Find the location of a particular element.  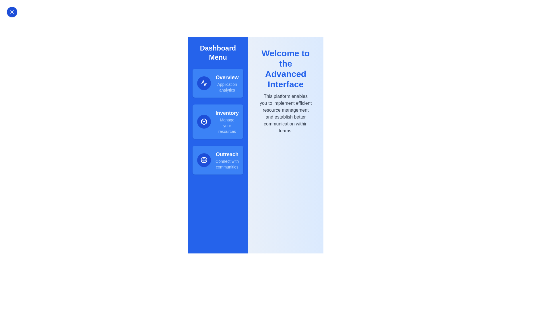

the button at the top-left corner to toggle the drawer visibility is located at coordinates (12, 12).